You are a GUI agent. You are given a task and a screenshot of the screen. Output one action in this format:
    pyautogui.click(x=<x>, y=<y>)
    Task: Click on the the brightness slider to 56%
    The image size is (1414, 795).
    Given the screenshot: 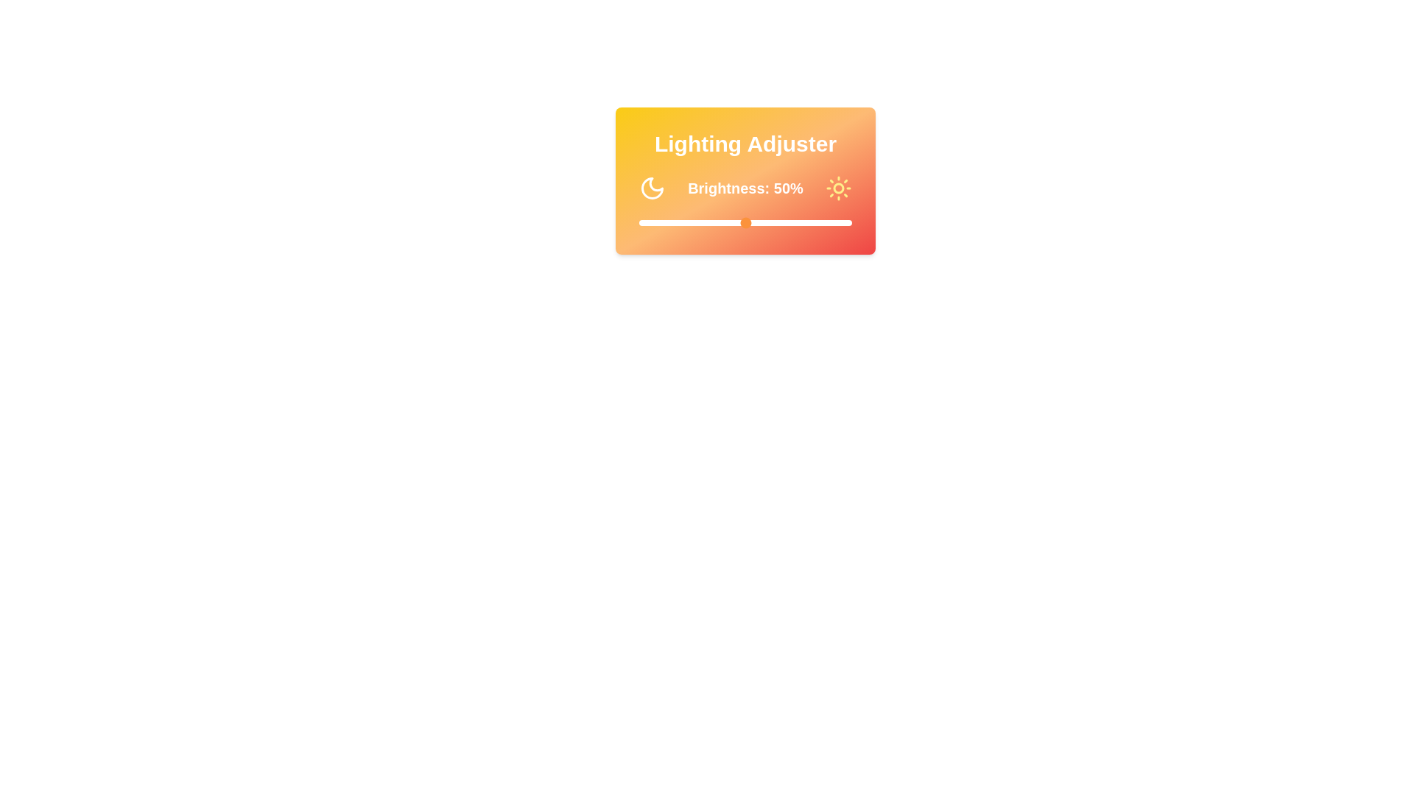 What is the action you would take?
    pyautogui.click(x=758, y=223)
    